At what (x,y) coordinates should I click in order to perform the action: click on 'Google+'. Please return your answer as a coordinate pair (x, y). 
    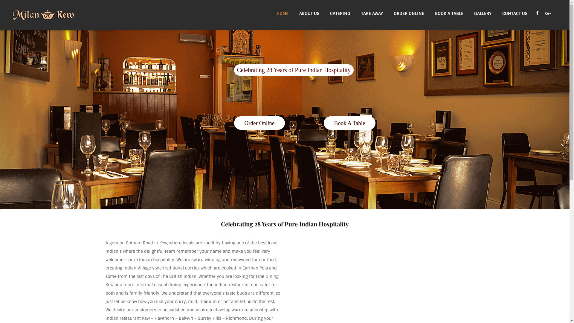
    Looking at the image, I should click on (548, 13).